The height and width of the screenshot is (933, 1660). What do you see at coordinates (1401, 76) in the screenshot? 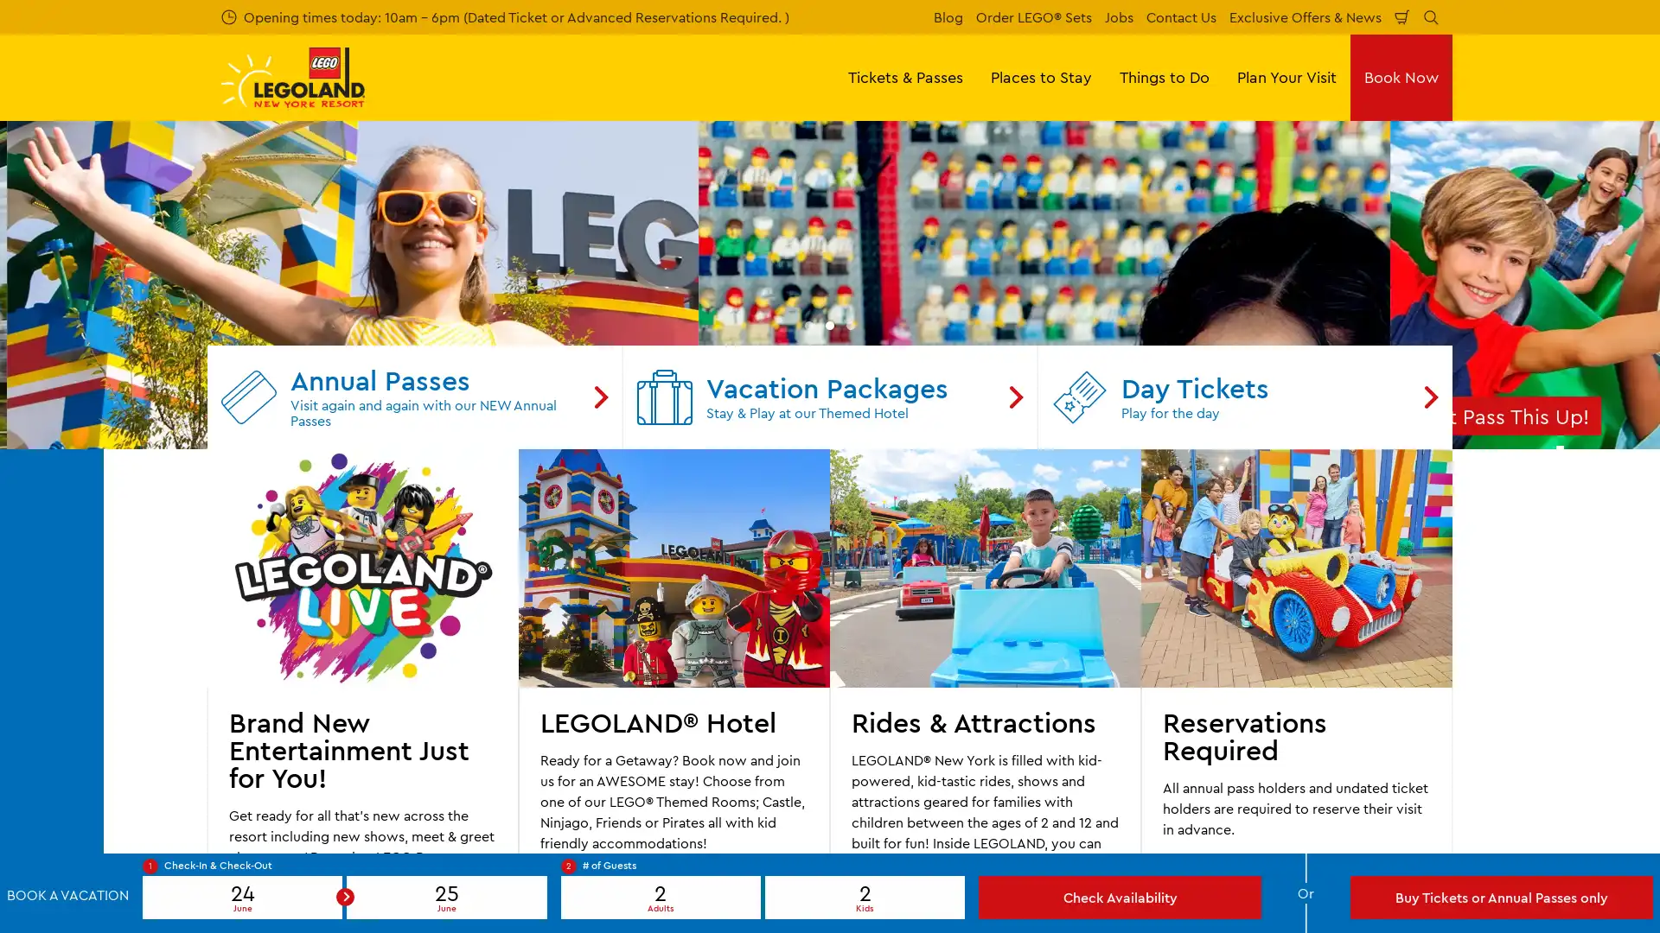
I see `Book Now` at bounding box center [1401, 76].